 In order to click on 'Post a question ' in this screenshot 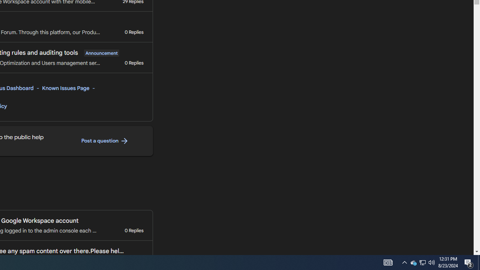, I will do `click(105, 141)`.